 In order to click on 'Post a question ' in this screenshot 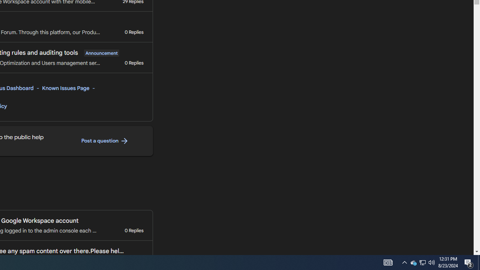, I will do `click(105, 141)`.